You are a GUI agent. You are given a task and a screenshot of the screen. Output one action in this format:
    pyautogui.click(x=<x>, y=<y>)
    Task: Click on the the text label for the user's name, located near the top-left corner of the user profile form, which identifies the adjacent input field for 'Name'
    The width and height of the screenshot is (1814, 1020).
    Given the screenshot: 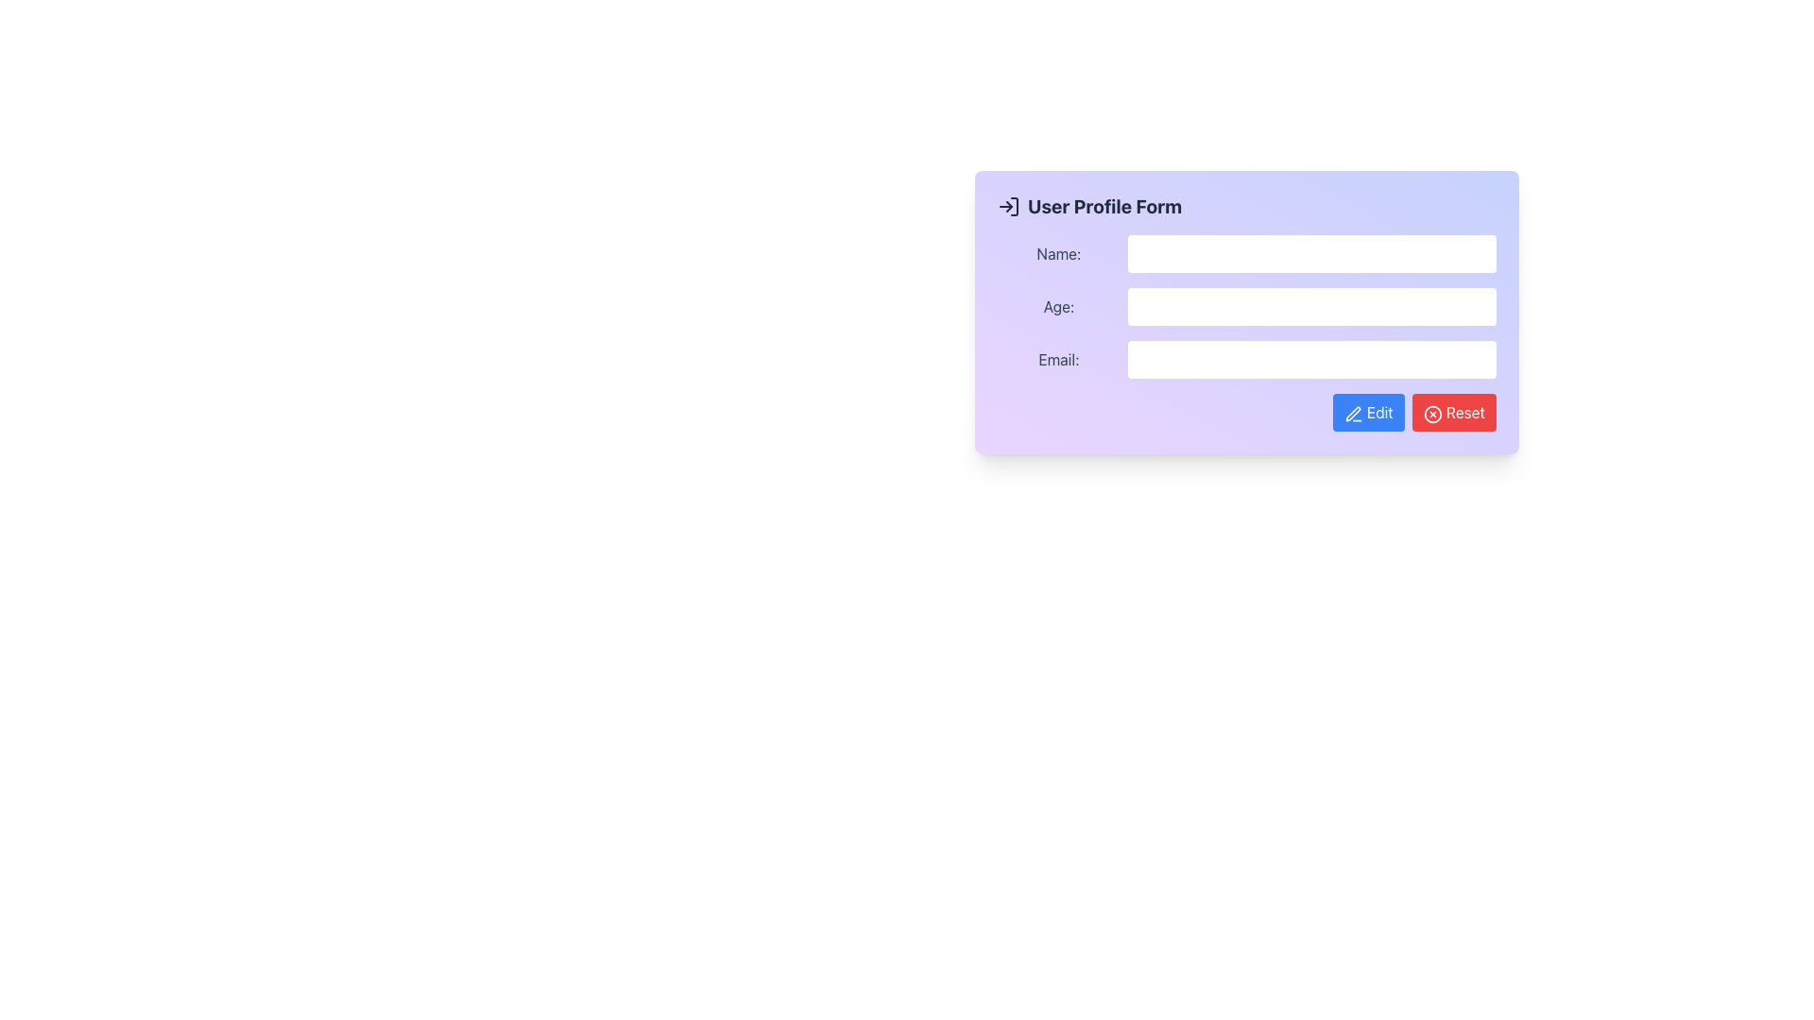 What is the action you would take?
    pyautogui.click(x=1058, y=253)
    